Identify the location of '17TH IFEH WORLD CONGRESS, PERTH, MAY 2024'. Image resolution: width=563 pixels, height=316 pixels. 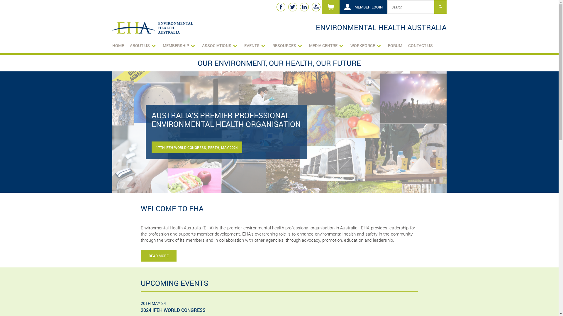
(196, 147).